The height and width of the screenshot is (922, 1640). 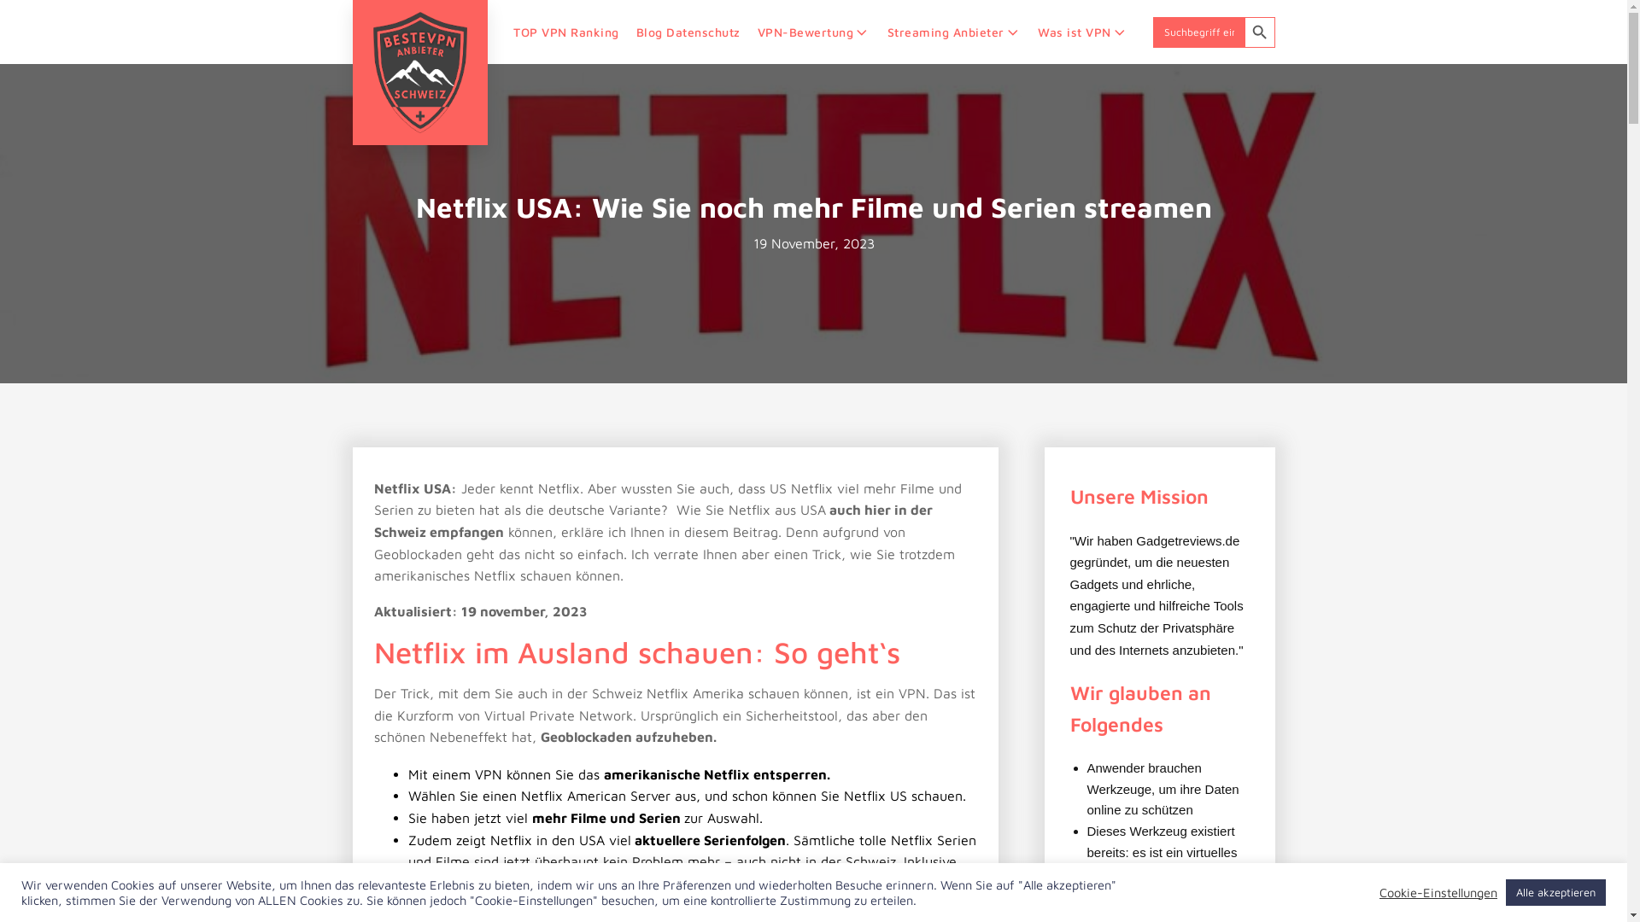 What do you see at coordinates (813, 32) in the screenshot?
I see `'VPN-Bewertung'` at bounding box center [813, 32].